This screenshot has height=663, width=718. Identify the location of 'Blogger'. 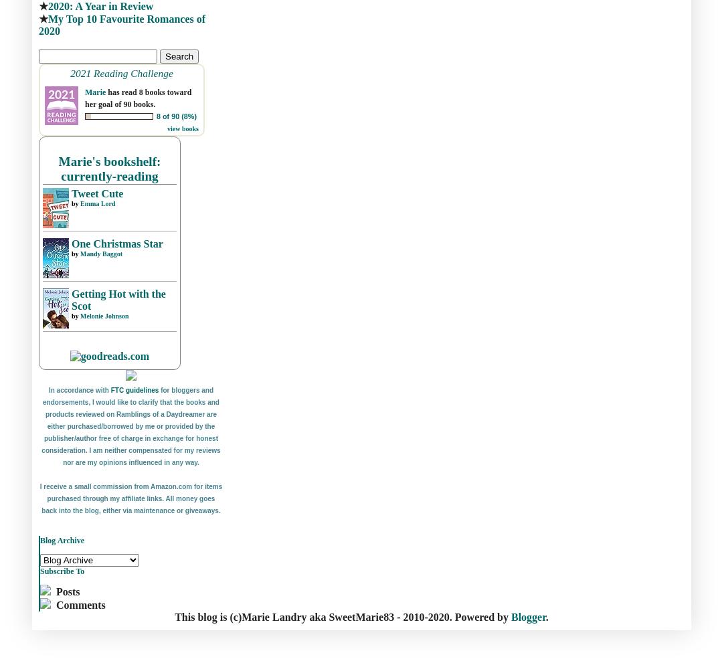
(527, 616).